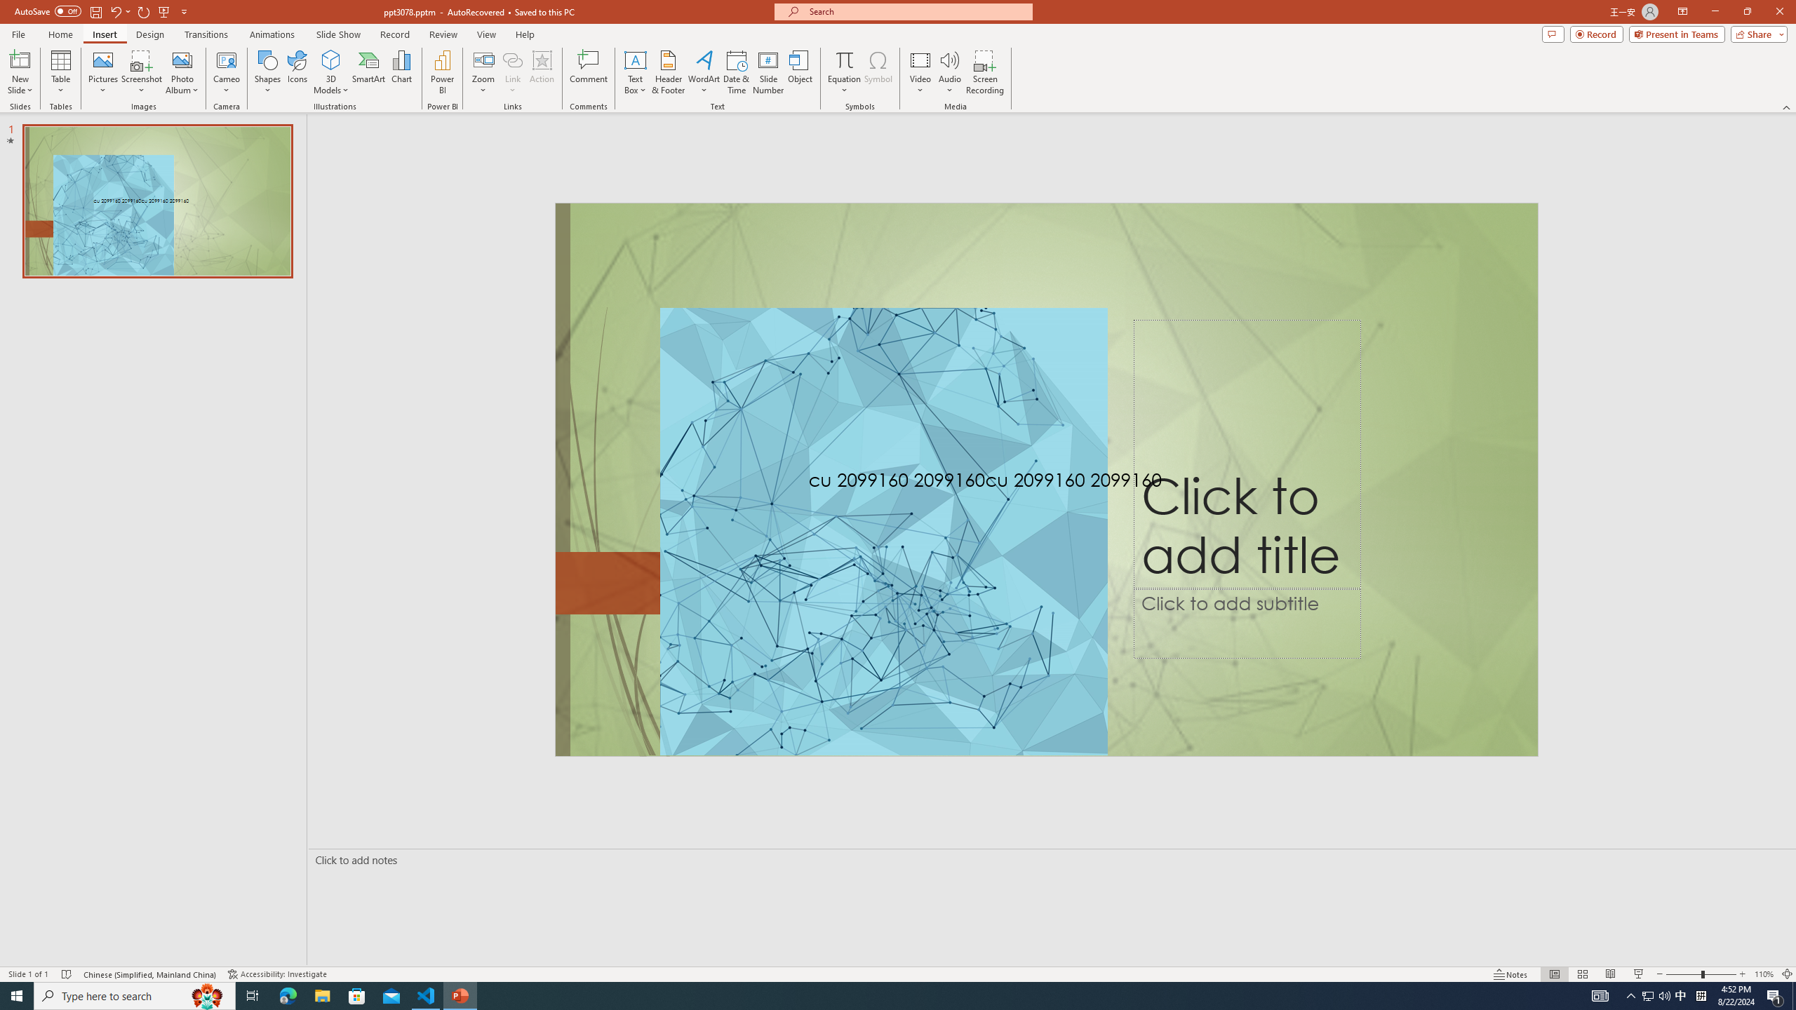 This screenshot has width=1796, height=1010. I want to click on 'Chart...', so click(401, 72).